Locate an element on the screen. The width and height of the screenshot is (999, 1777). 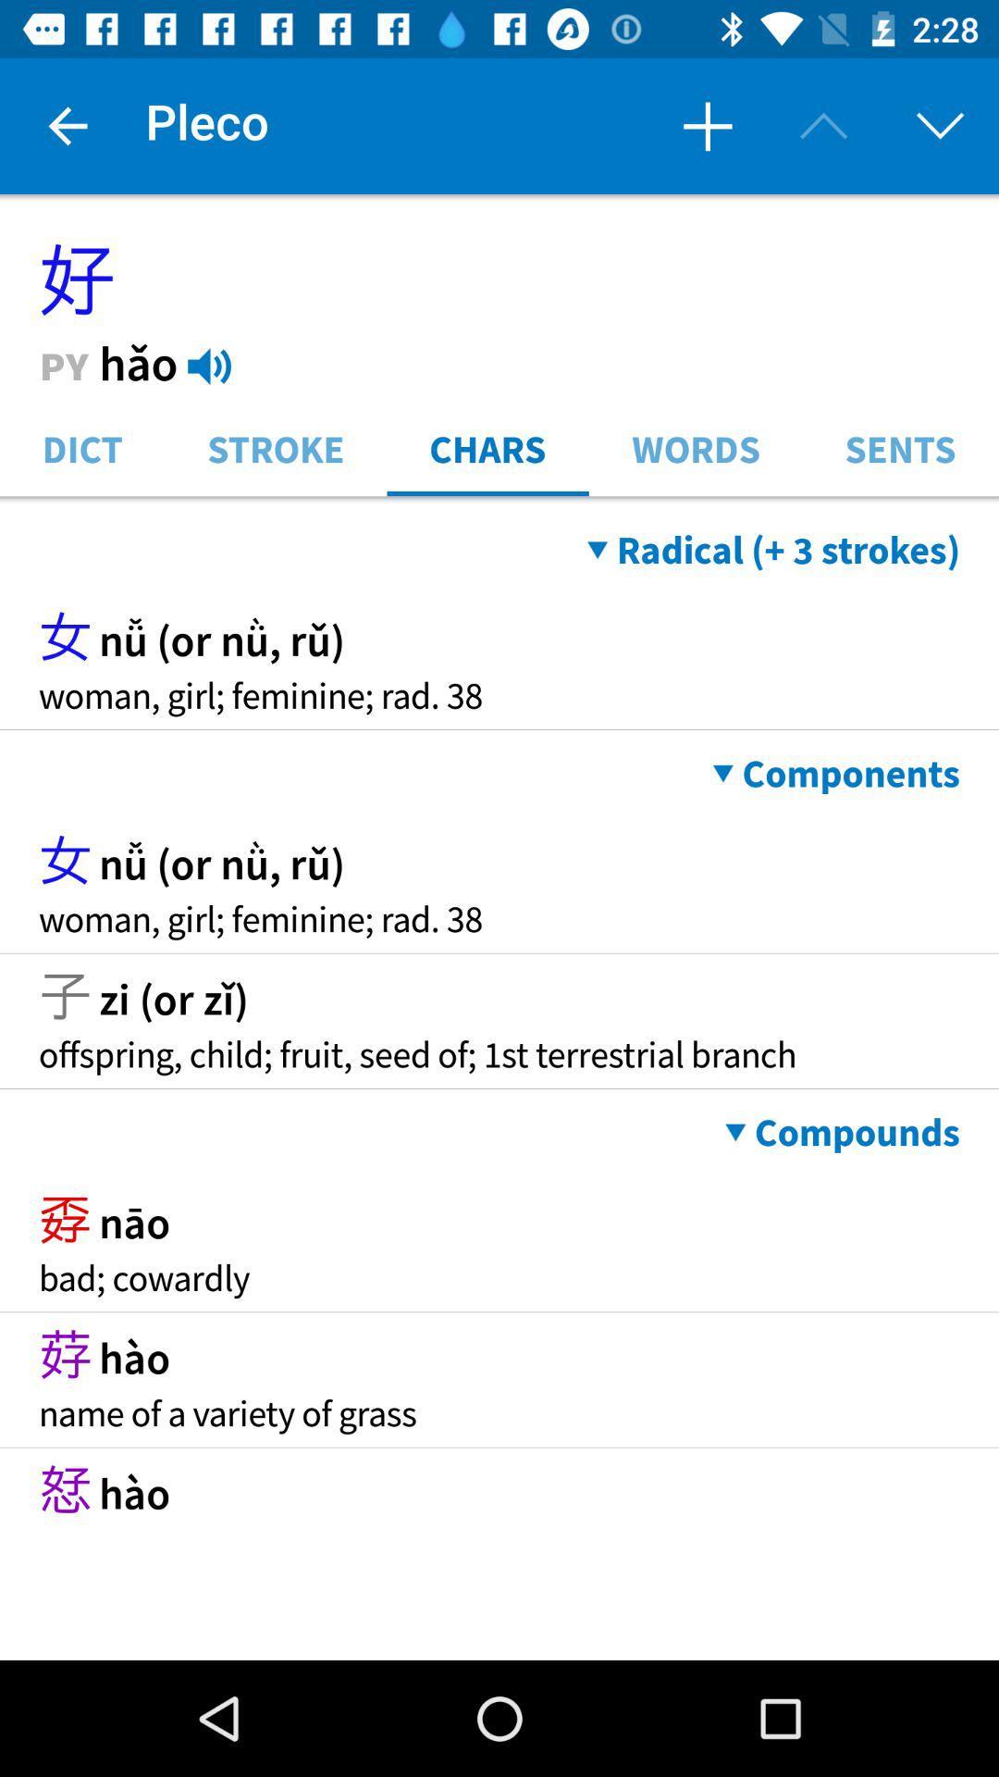
the item next to the chars icon is located at coordinates (276, 447).